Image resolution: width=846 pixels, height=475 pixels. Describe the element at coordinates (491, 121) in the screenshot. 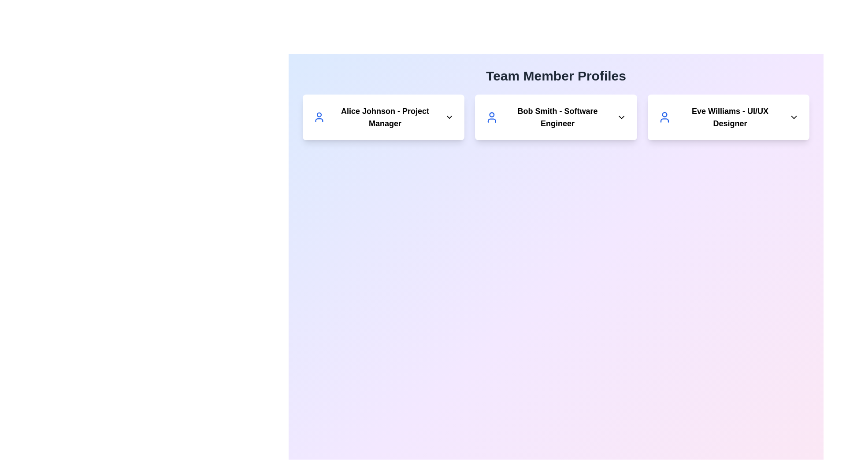

I see `SVG properties of the torso element in the user icon for 'Bob Smith - Software Engineer', located at the center of the profile card's icon area` at that location.